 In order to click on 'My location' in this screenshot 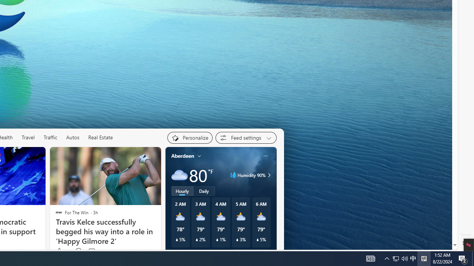, I will do `click(199, 155)`.